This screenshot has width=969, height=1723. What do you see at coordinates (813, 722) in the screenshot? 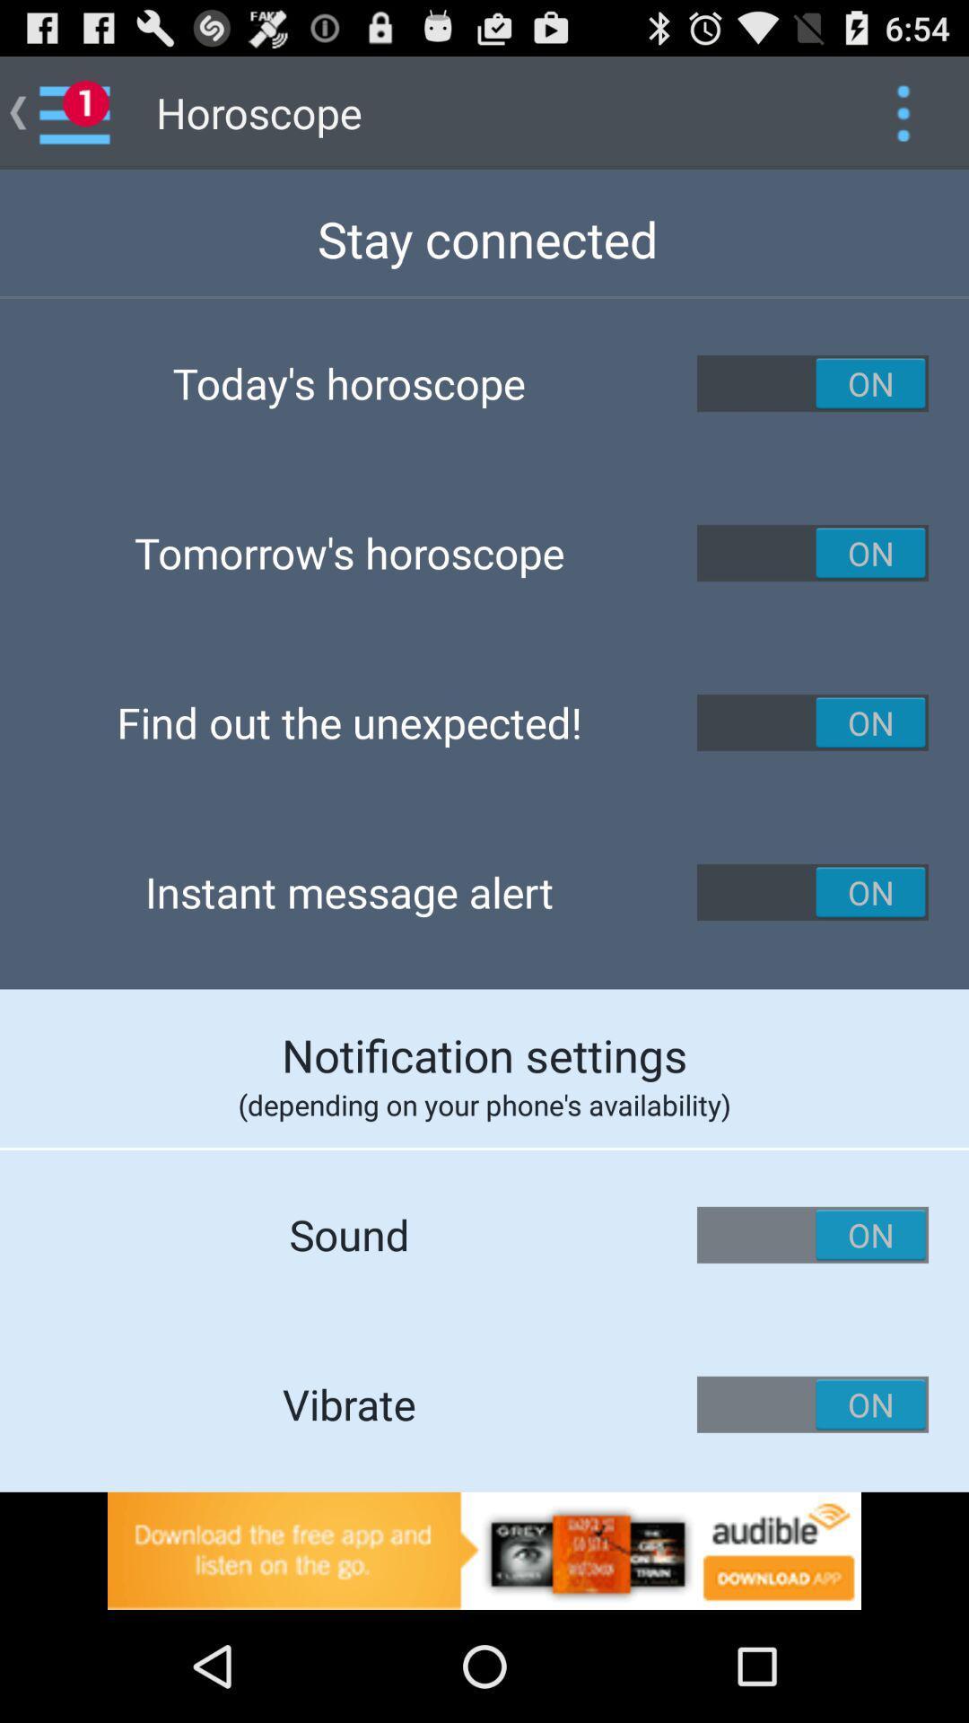
I see `on button` at bounding box center [813, 722].